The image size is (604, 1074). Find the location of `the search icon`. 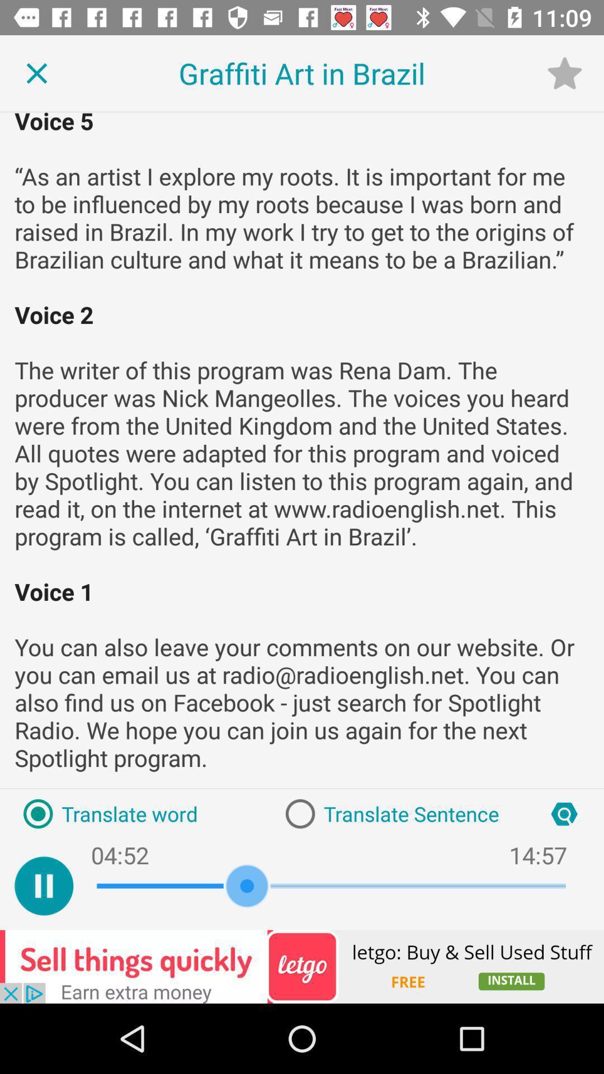

the search icon is located at coordinates (564, 814).